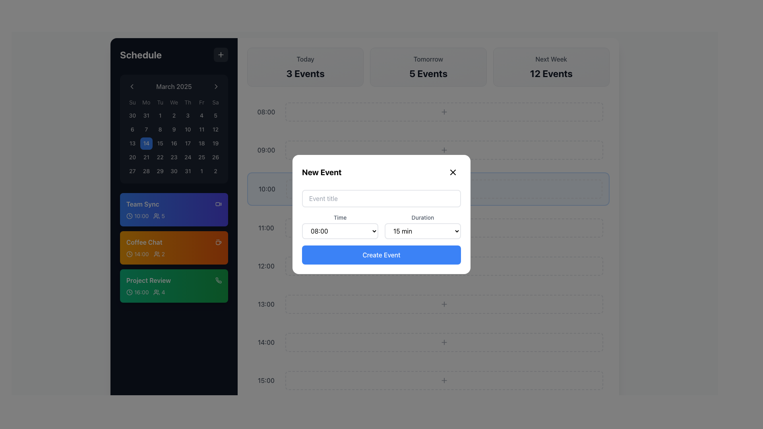 The width and height of the screenshot is (763, 429). I want to click on the time label displaying '16:00' with a clock icon, which is part of the 'Project Review' section on a green background, so click(137, 292).